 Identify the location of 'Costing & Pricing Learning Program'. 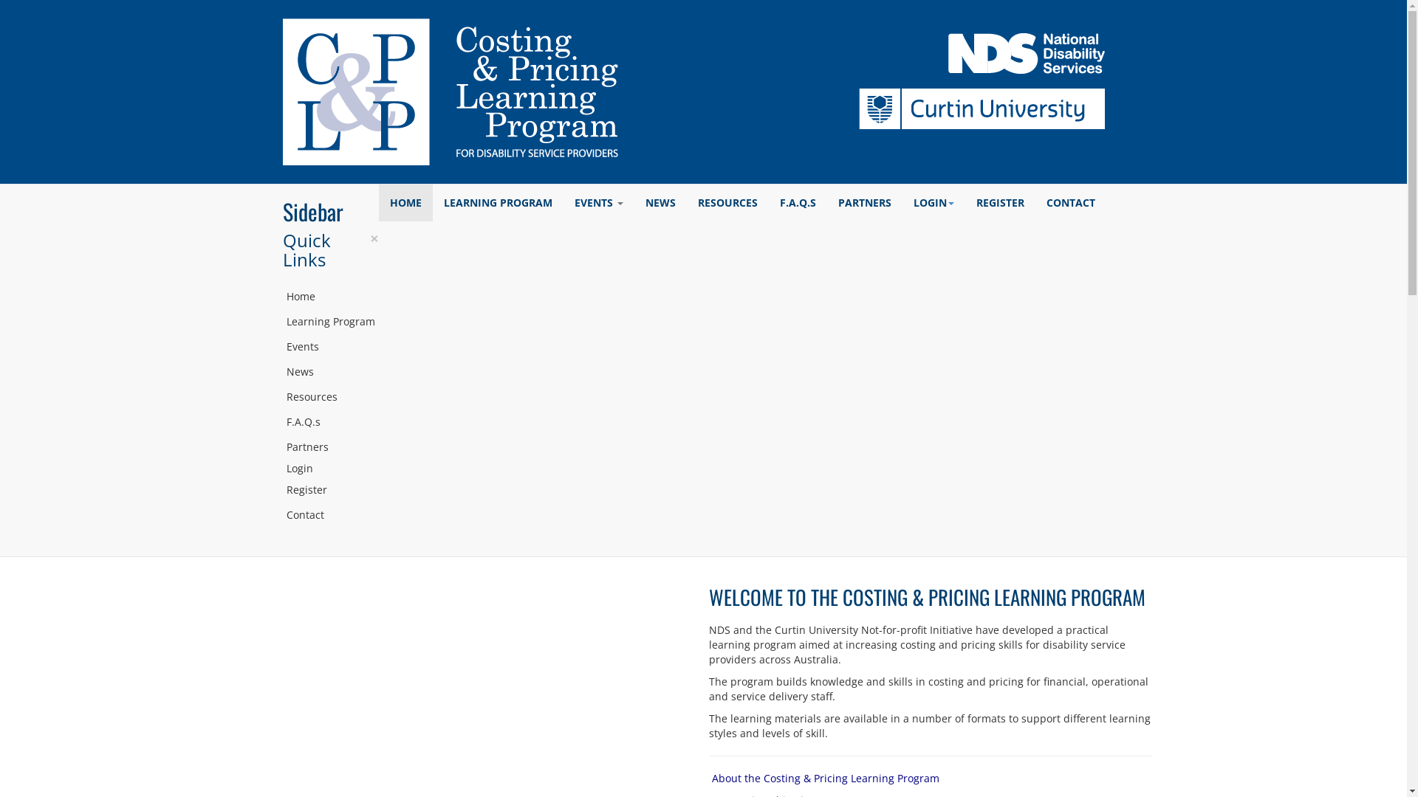
(449, 92).